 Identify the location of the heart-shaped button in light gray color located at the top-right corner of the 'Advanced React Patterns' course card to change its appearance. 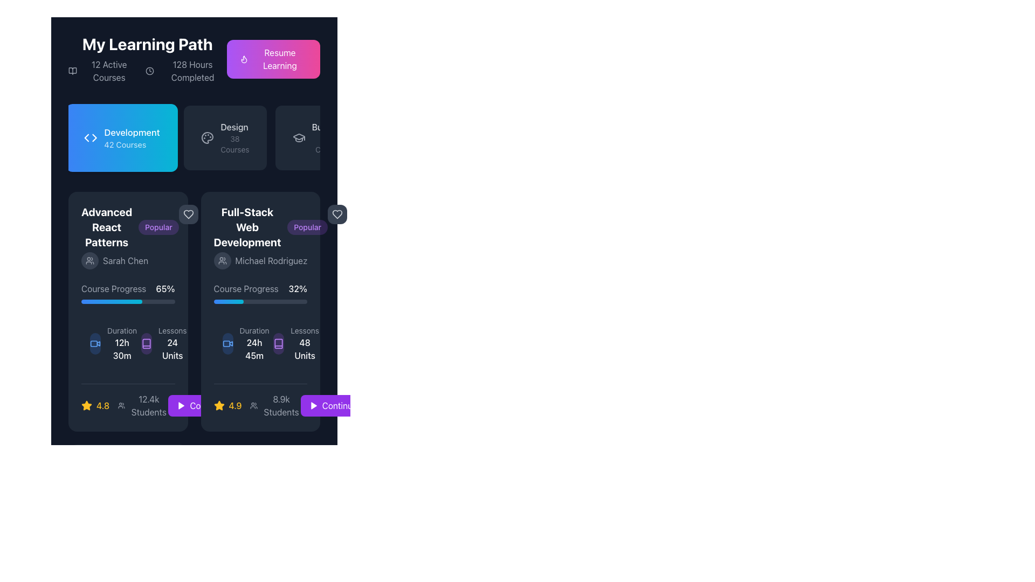
(188, 214).